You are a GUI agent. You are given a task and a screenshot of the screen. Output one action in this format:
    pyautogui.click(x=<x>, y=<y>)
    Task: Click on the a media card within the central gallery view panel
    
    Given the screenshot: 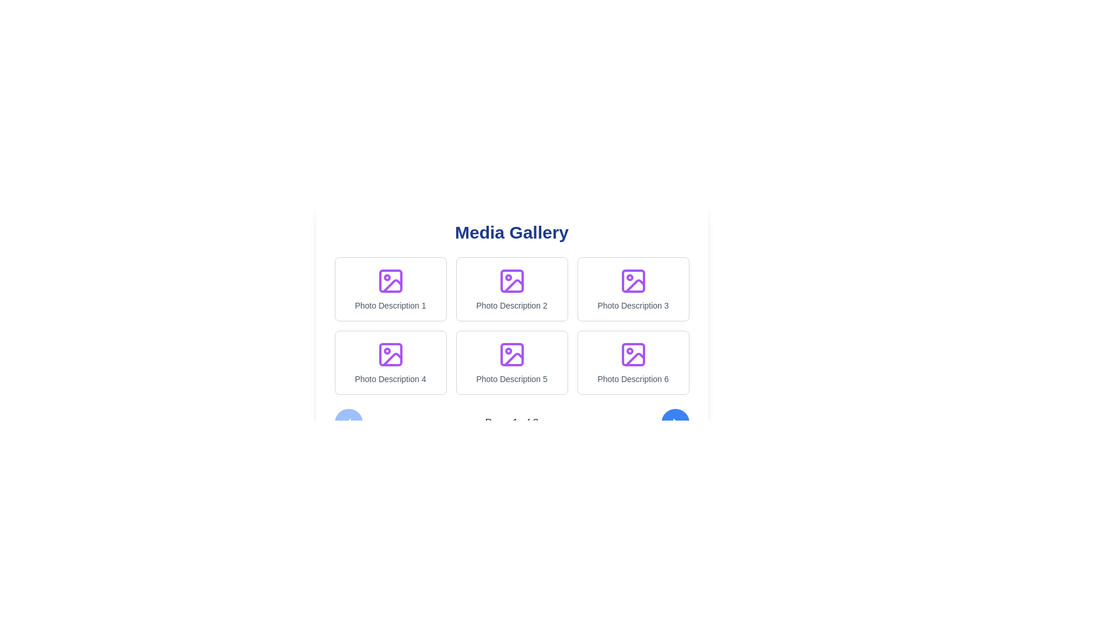 What is the action you would take?
    pyautogui.click(x=512, y=329)
    